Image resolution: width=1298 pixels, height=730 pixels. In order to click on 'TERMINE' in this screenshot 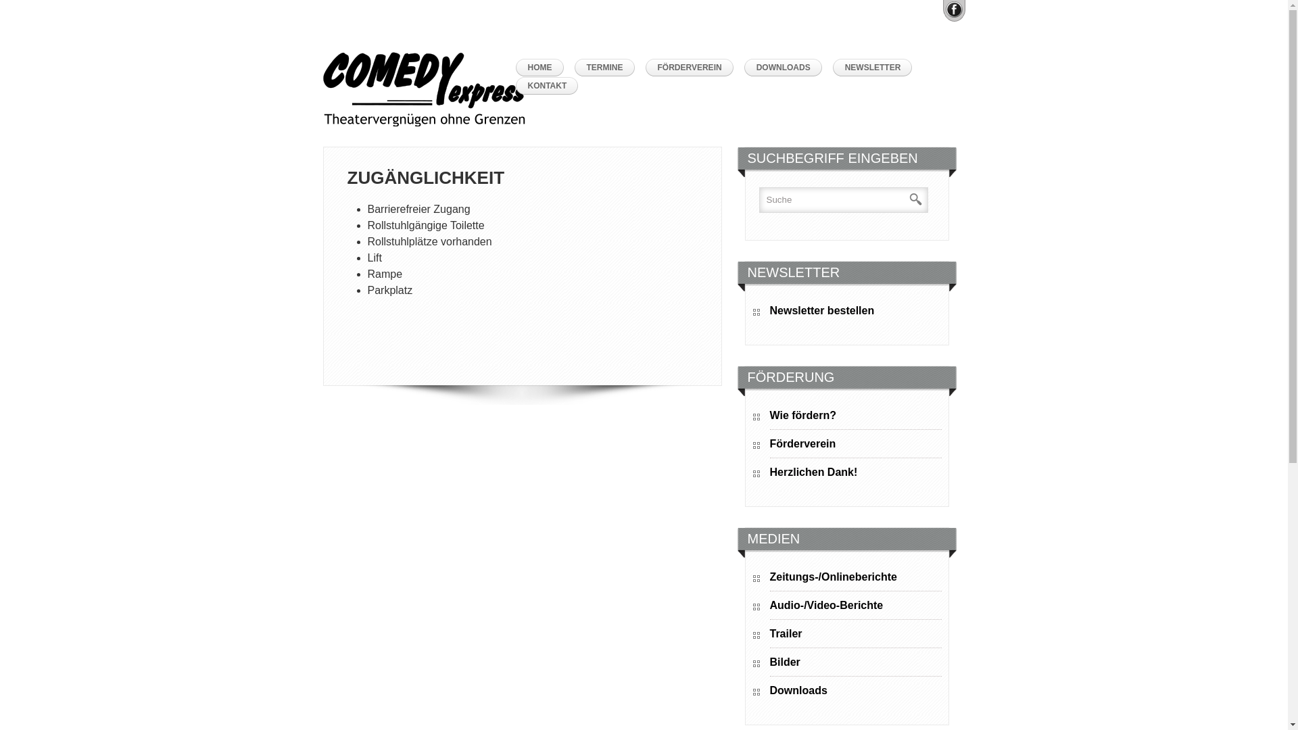, I will do `click(608, 68)`.